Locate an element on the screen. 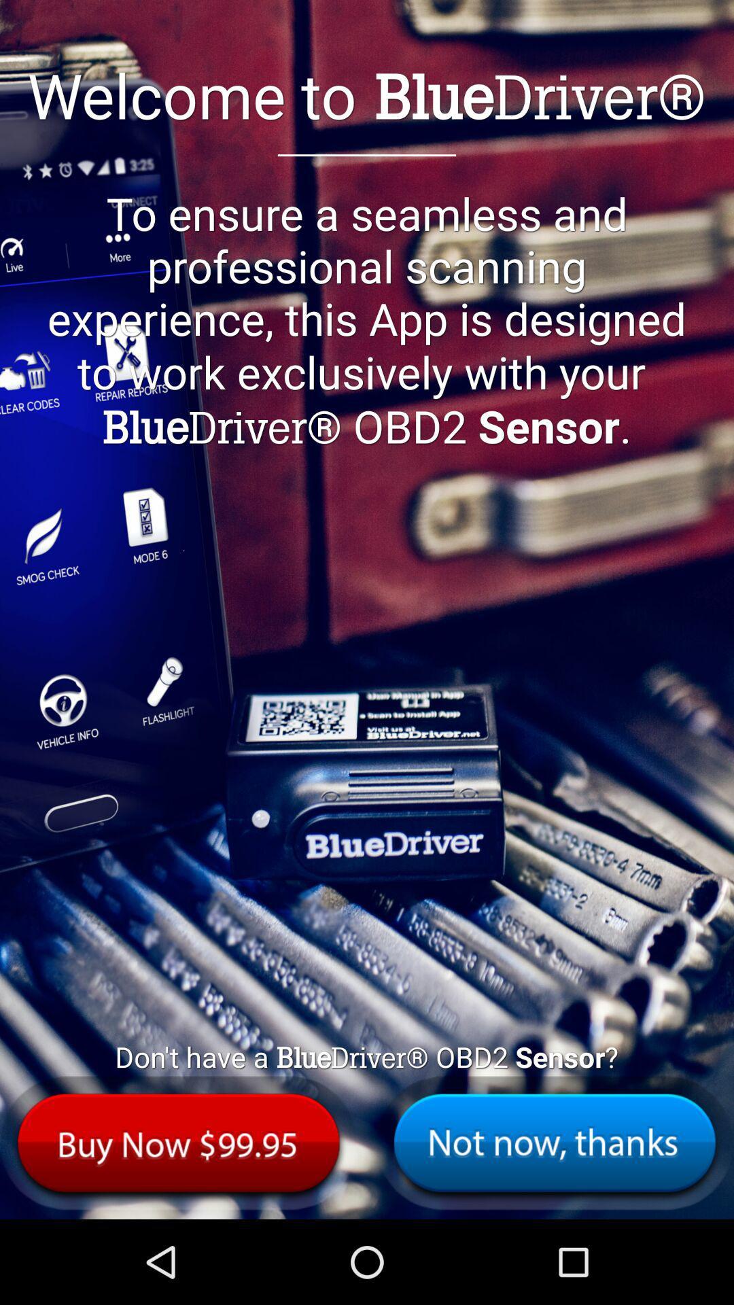 This screenshot has height=1305, width=734. pay 99.95 to buy is located at coordinates (178, 1142).